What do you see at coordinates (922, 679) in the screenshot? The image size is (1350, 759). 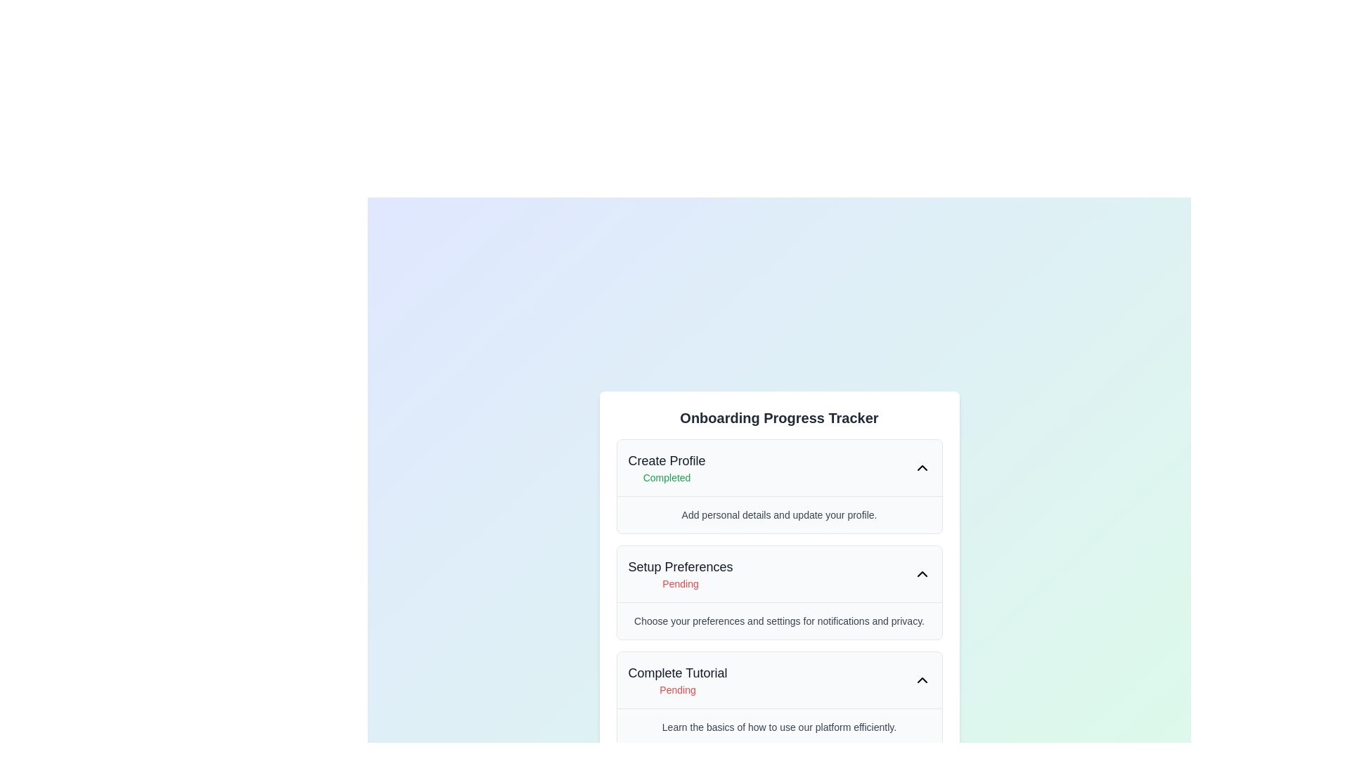 I see `the toggle icon located at the right end of the 'Complete Tutorial' section header in the 'Onboarding Progress Tracker'` at bounding box center [922, 679].